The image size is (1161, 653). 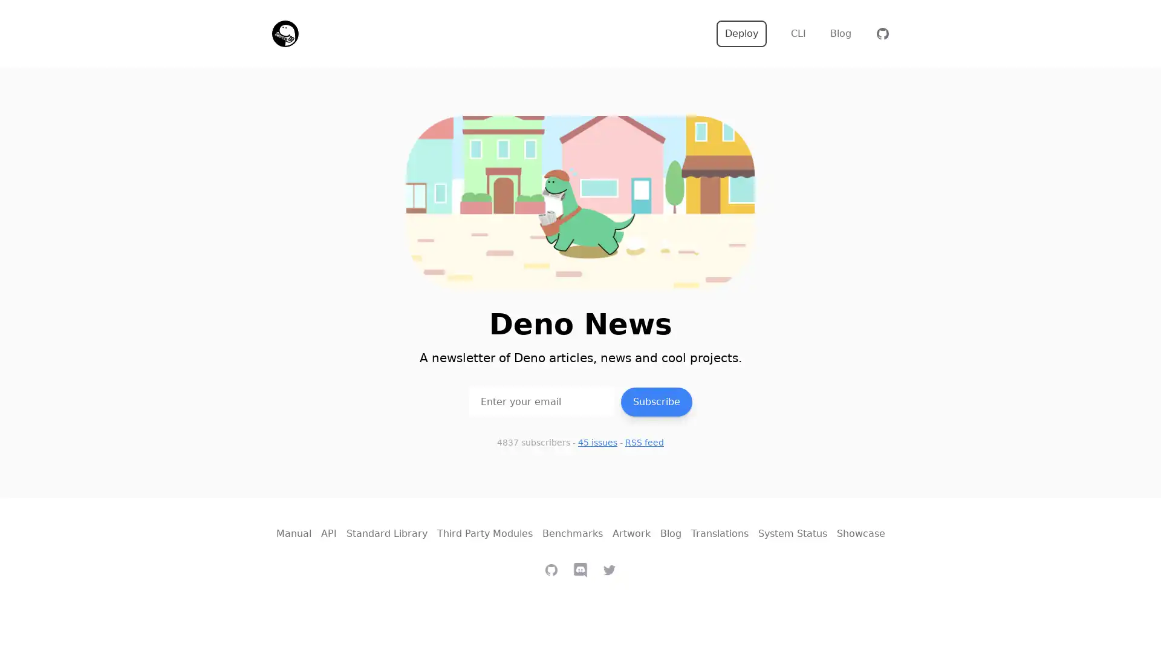 What do you see at coordinates (655, 401) in the screenshot?
I see `Subscribe` at bounding box center [655, 401].